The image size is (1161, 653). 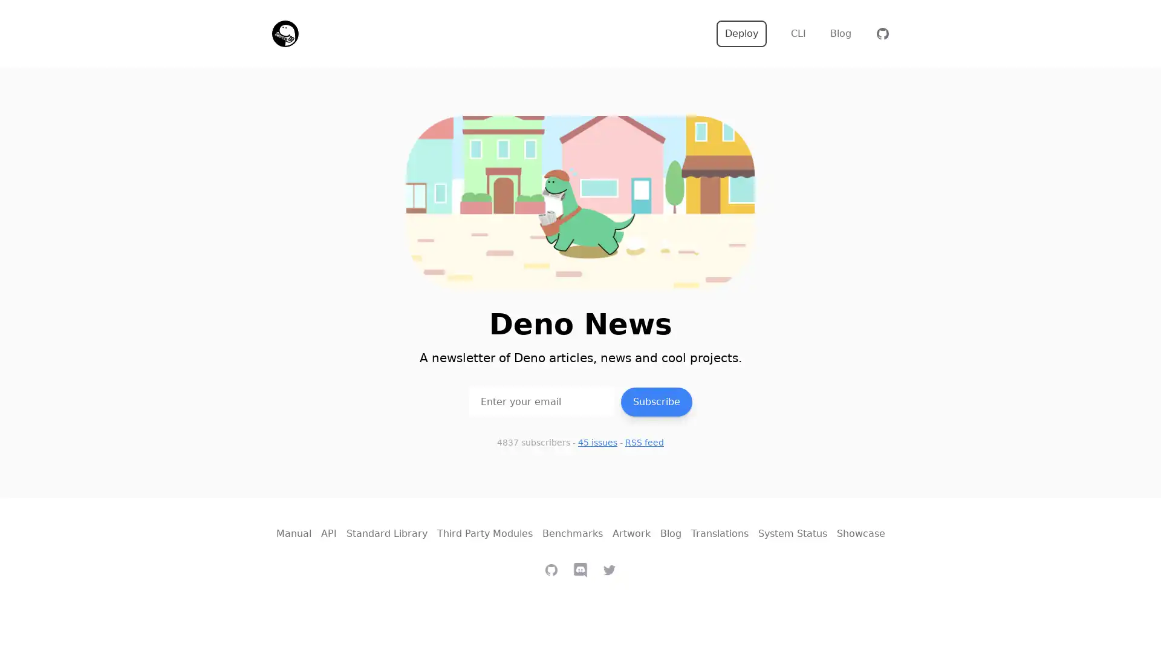 What do you see at coordinates (655, 401) in the screenshot?
I see `Subscribe` at bounding box center [655, 401].